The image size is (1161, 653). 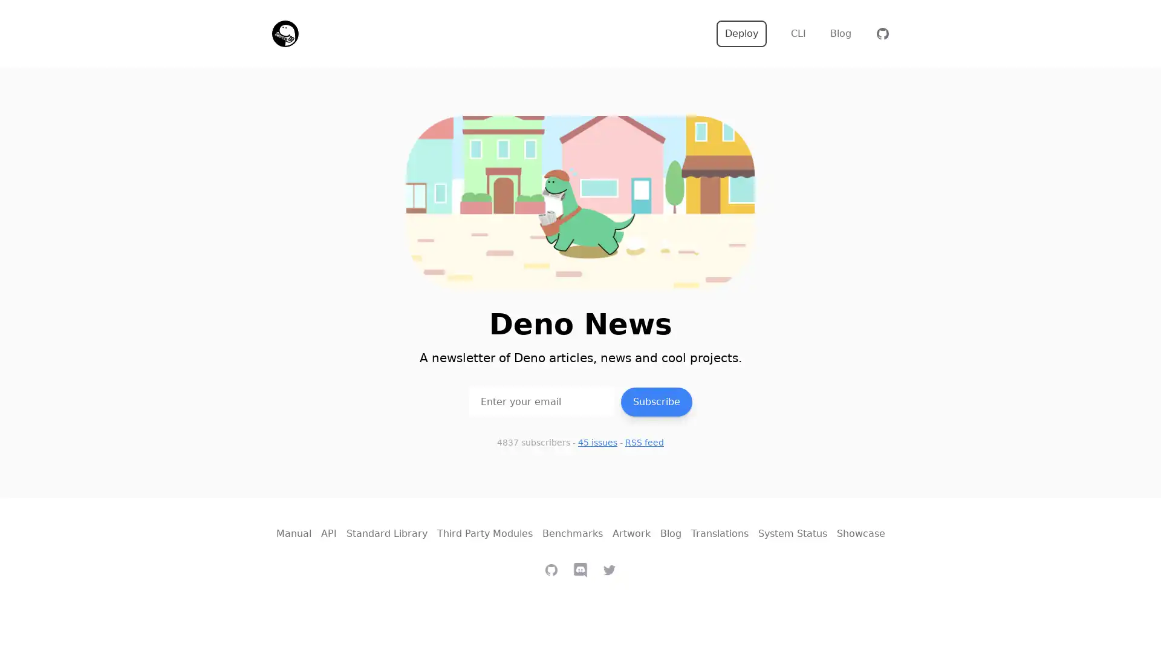 What do you see at coordinates (655, 401) in the screenshot?
I see `Subscribe` at bounding box center [655, 401].